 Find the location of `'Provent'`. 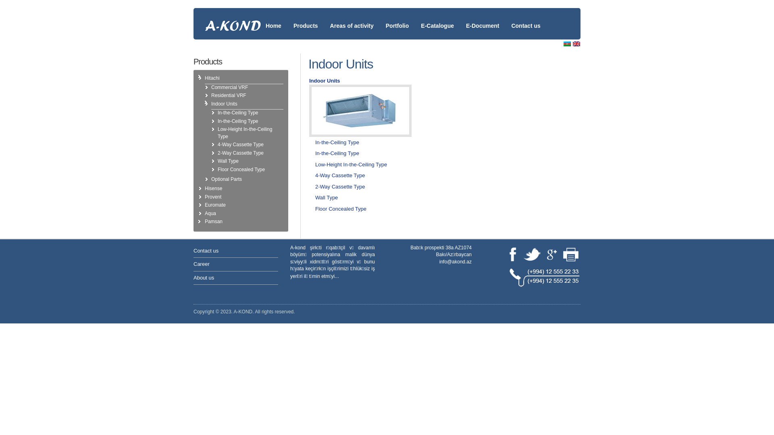

'Provent' is located at coordinates (213, 197).